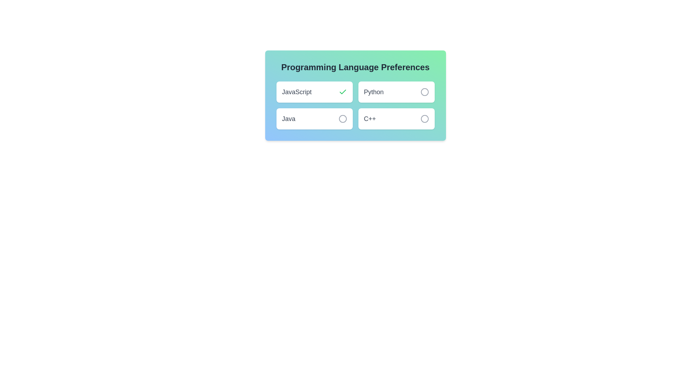  I want to click on the language JavaScript by clicking its associated button, so click(343, 92).